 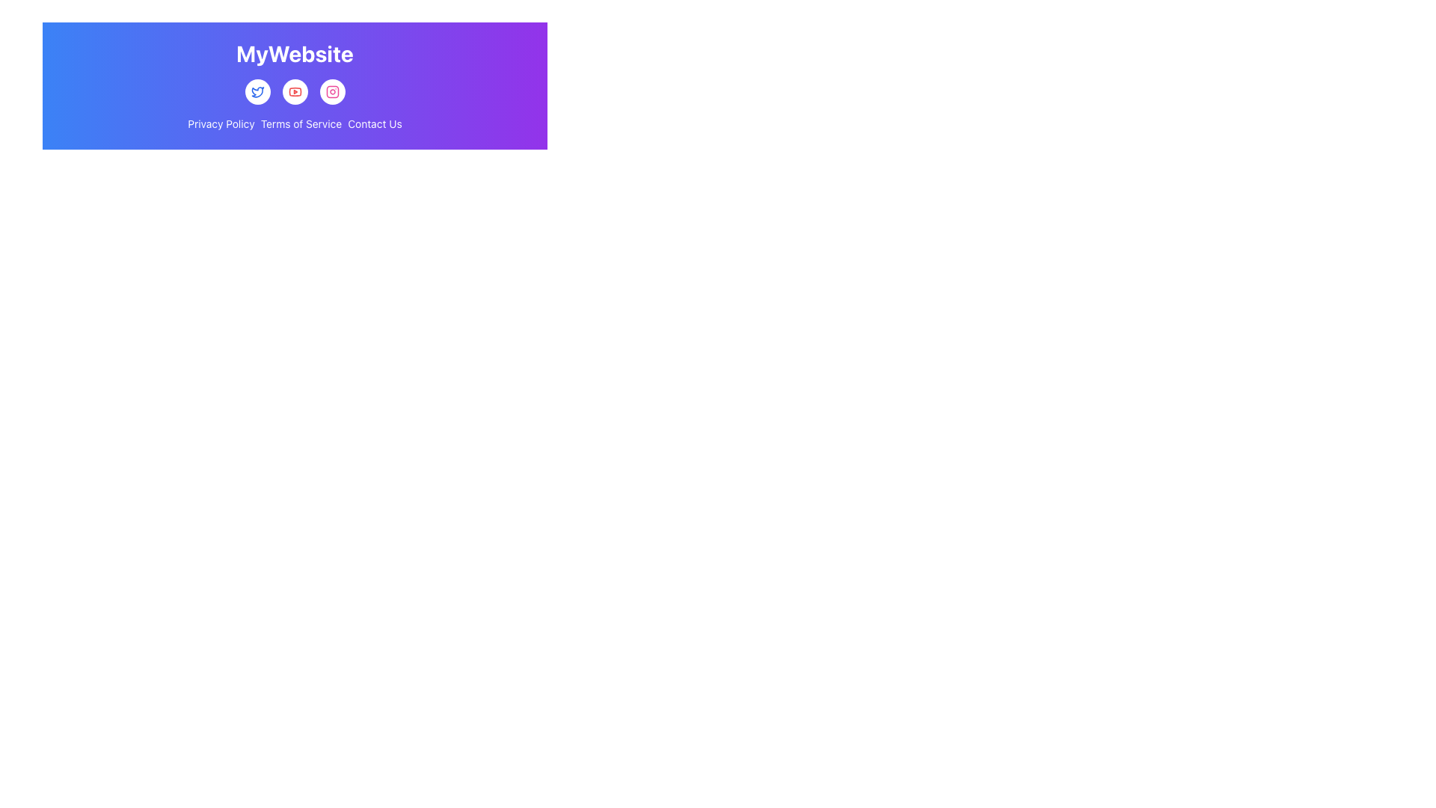 I want to click on the circular Instagram button with a white background and pink logo, so click(x=331, y=92).